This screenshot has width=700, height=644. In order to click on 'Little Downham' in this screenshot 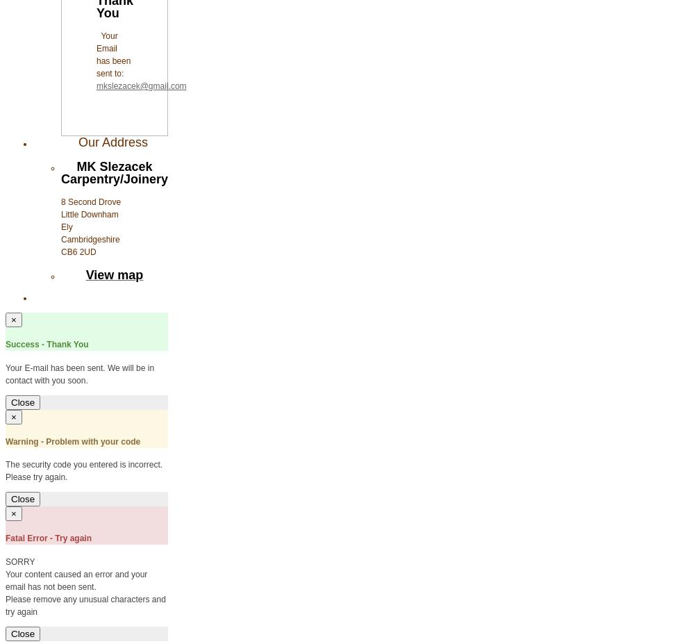, I will do `click(90, 214)`.